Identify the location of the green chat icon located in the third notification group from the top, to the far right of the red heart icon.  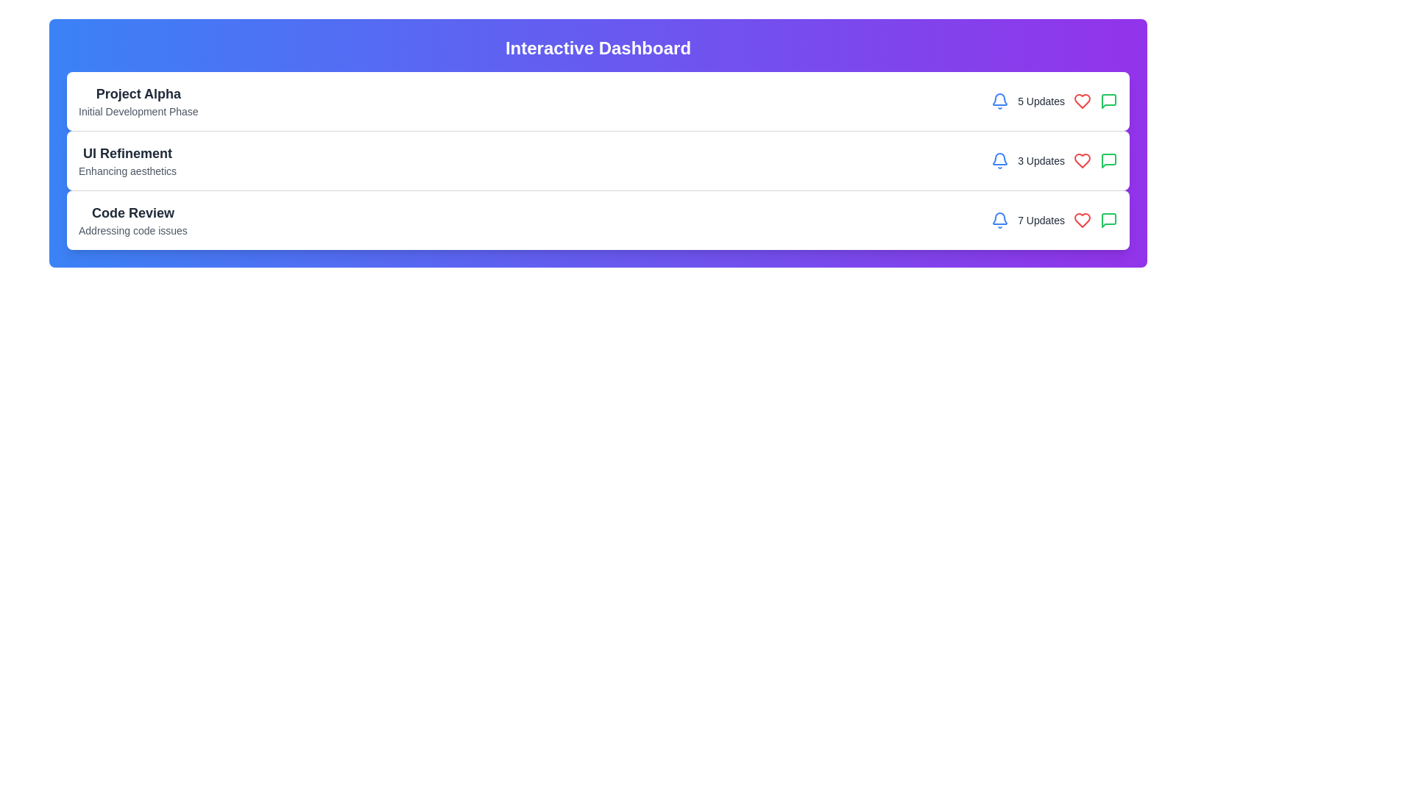
(1109, 161).